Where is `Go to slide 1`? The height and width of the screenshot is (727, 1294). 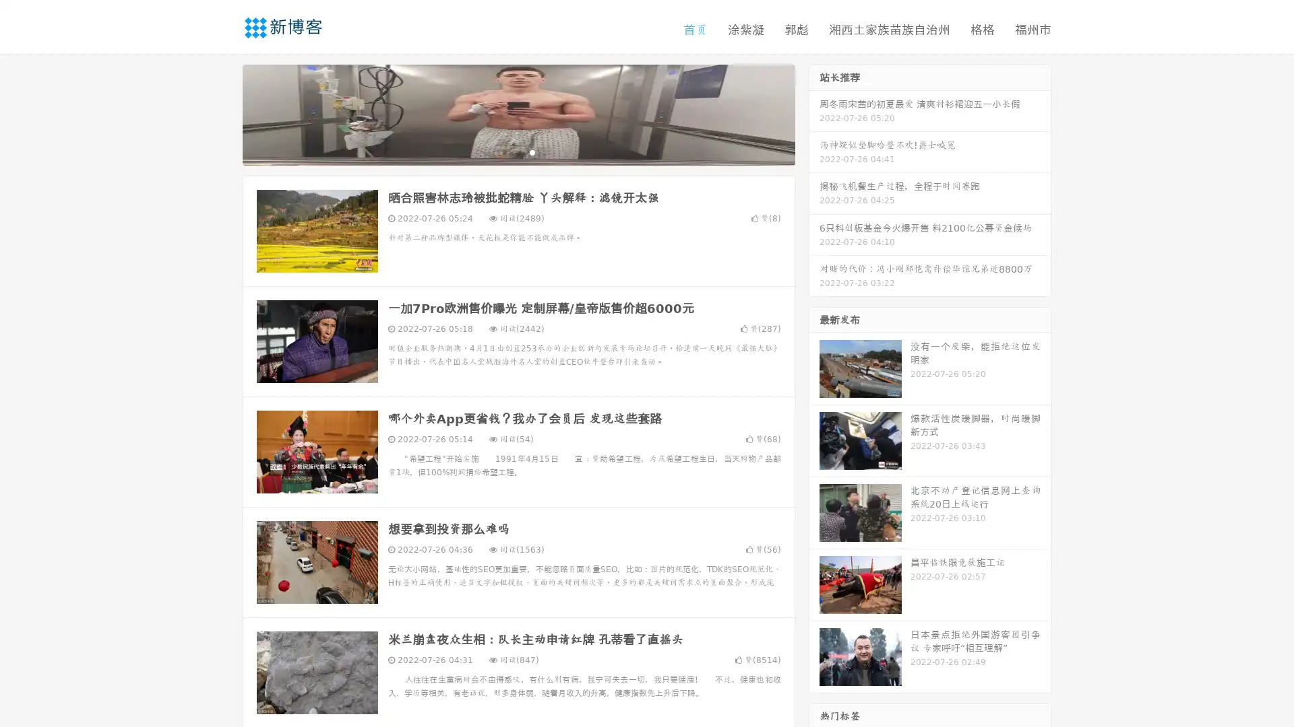 Go to slide 1 is located at coordinates (504, 151).